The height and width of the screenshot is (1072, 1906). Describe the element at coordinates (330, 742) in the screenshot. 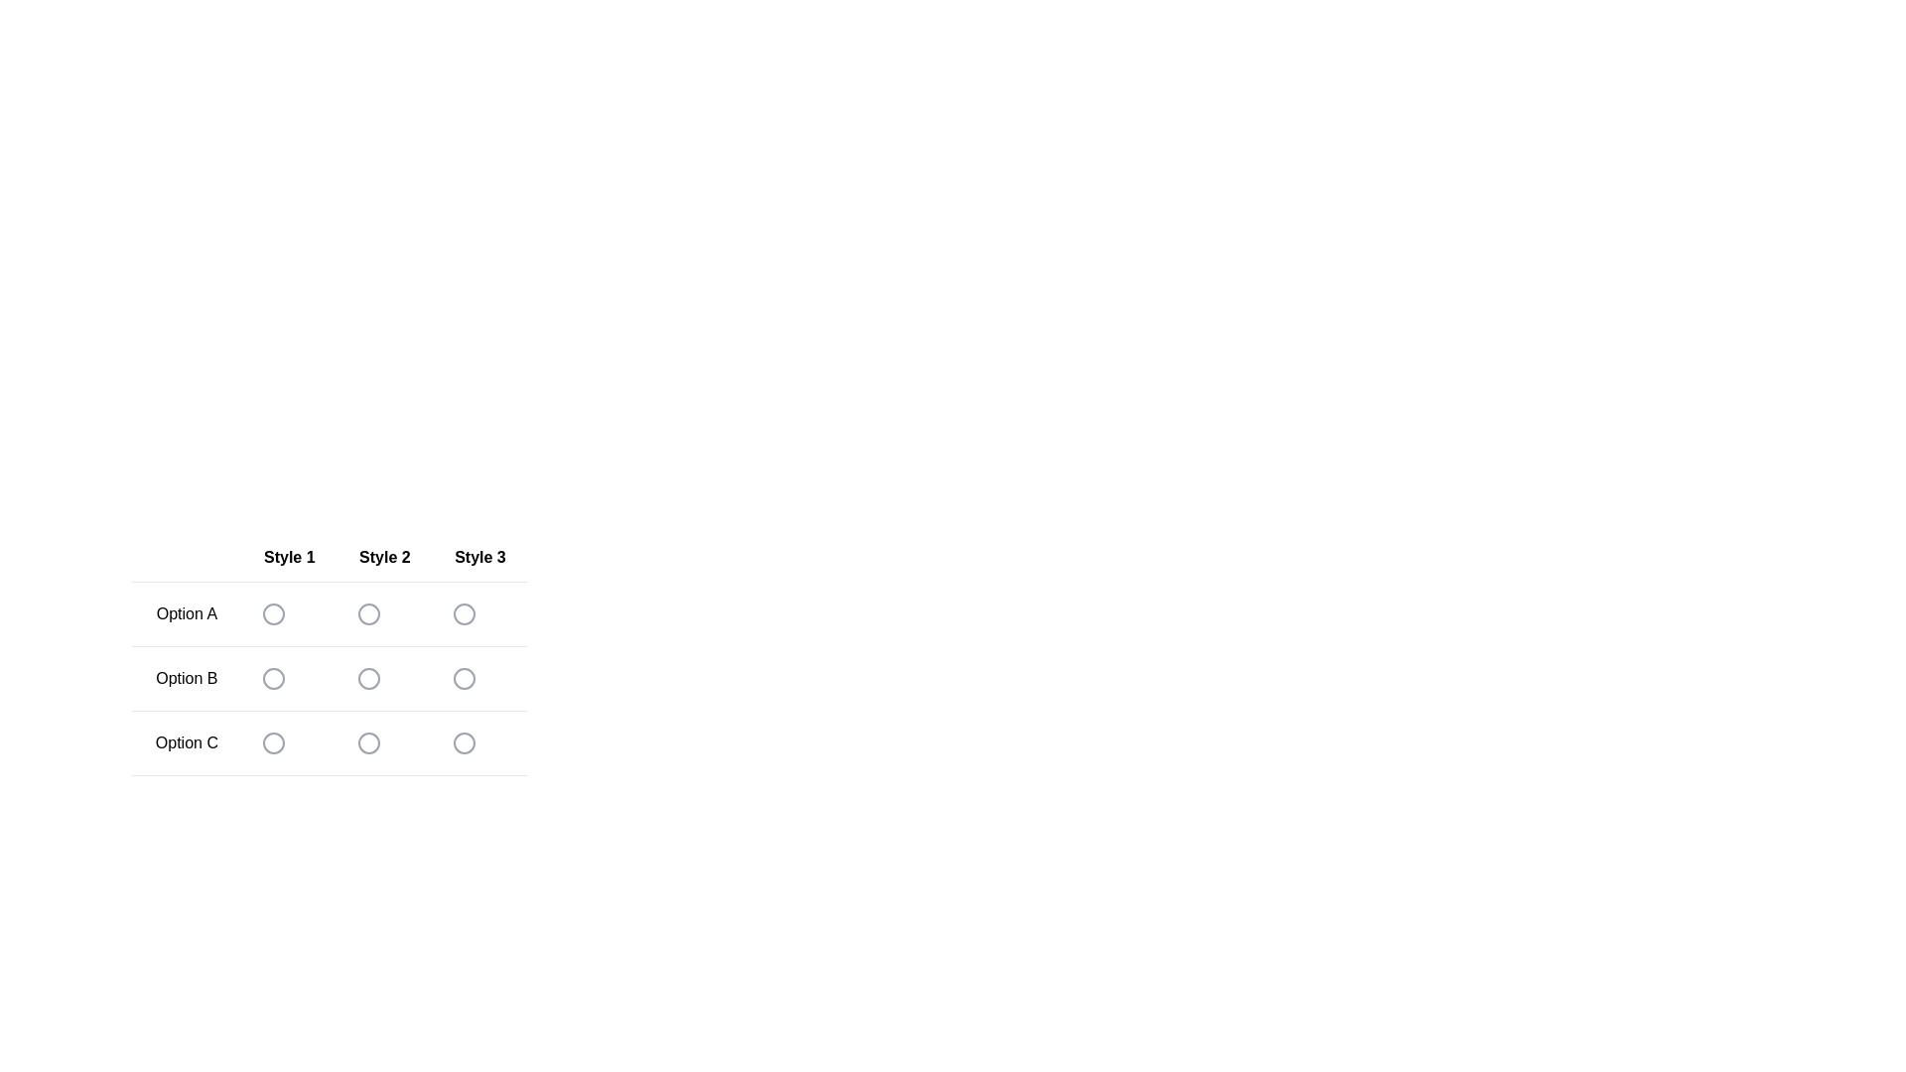

I see `the Text Label located in the third row of selectable options` at that location.